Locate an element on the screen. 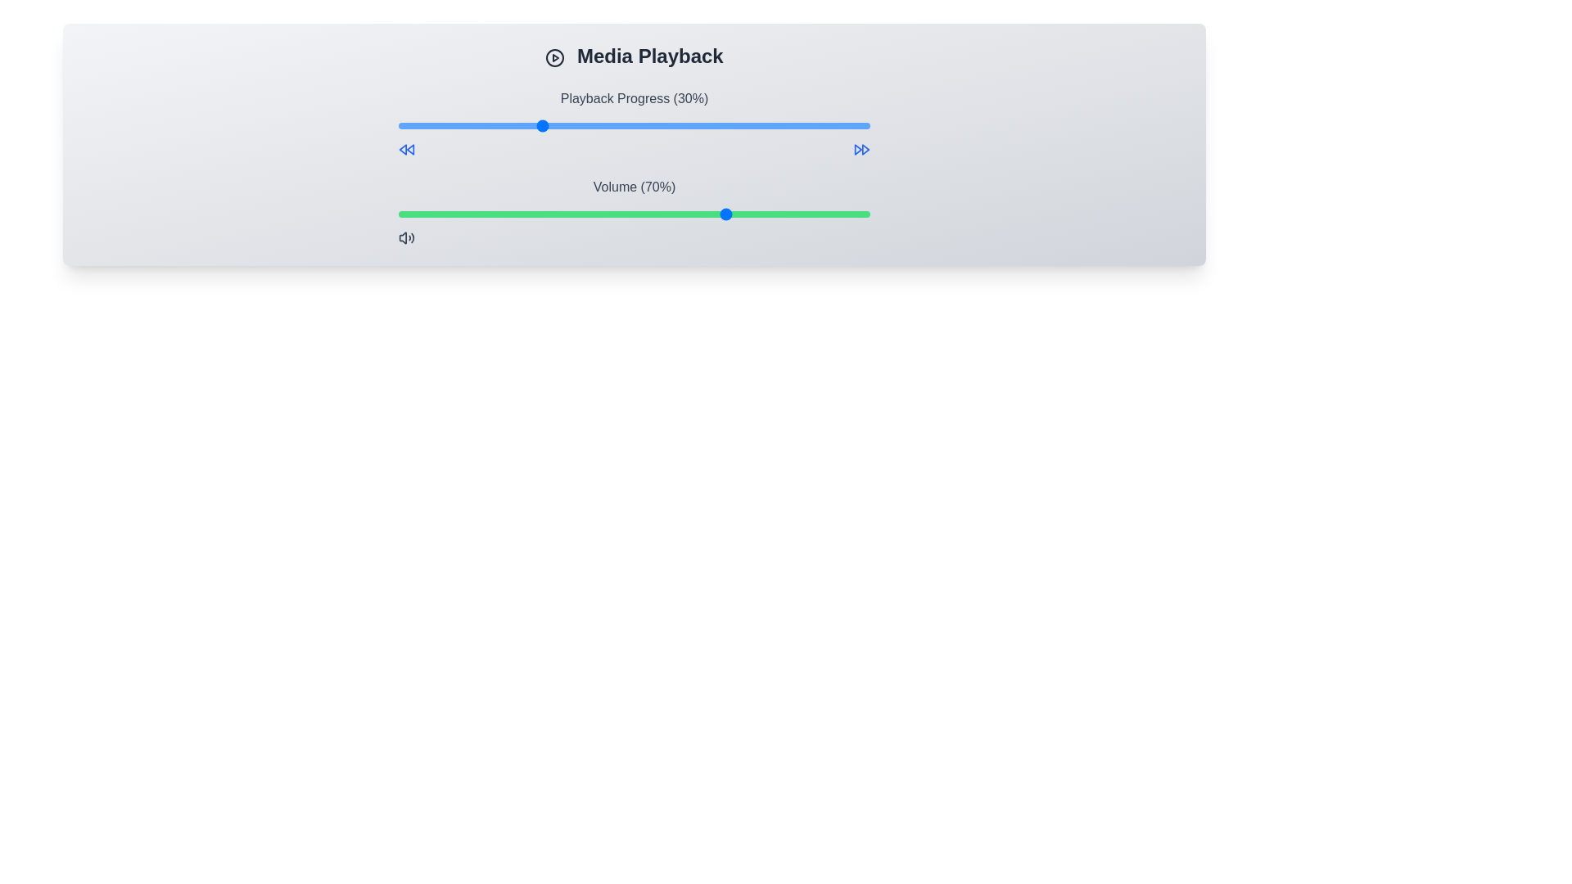  the rewind button is located at coordinates (407, 149).